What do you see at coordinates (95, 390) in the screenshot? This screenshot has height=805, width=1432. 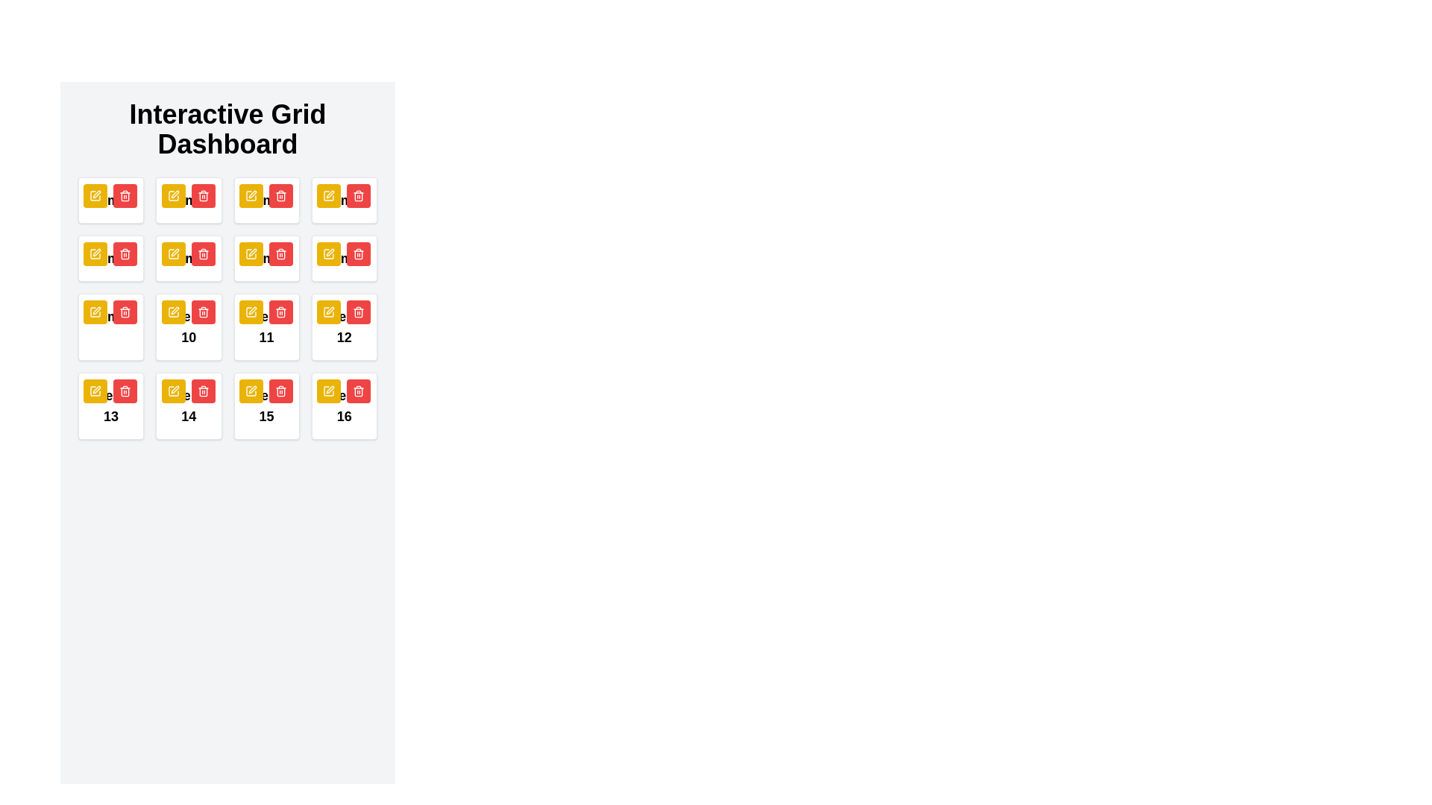 I see `the yellow icon with a pen symbol inside a square located at the bottom-left corner of the grid under item 13` at bounding box center [95, 390].